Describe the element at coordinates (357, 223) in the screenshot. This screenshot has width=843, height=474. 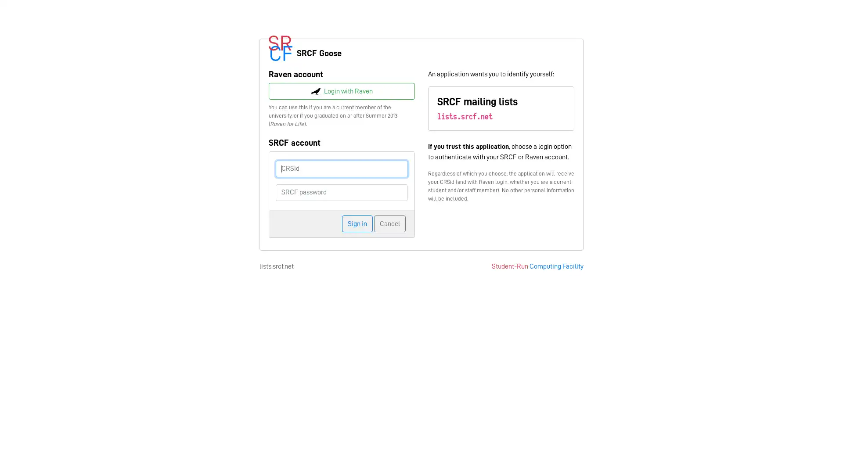
I see `Sign in` at that location.